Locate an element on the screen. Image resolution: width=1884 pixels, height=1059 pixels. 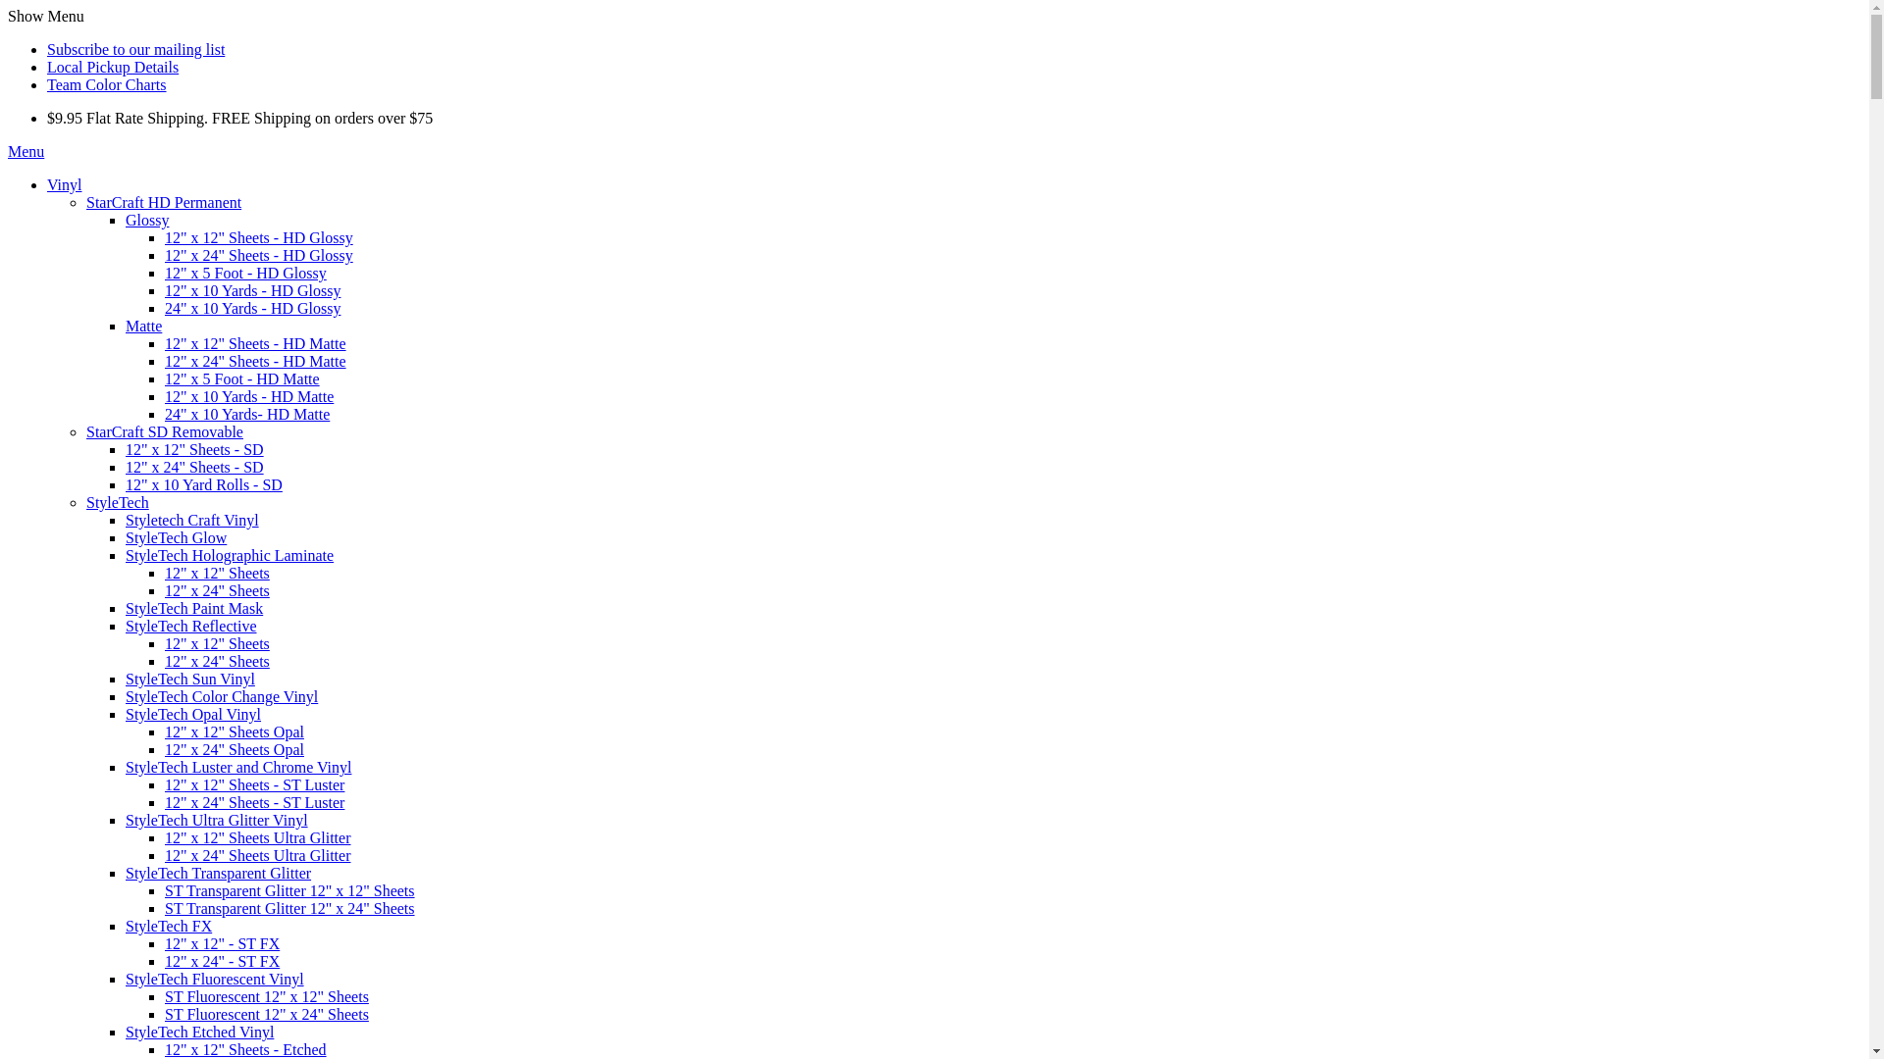
'Menu' is located at coordinates (26, 150).